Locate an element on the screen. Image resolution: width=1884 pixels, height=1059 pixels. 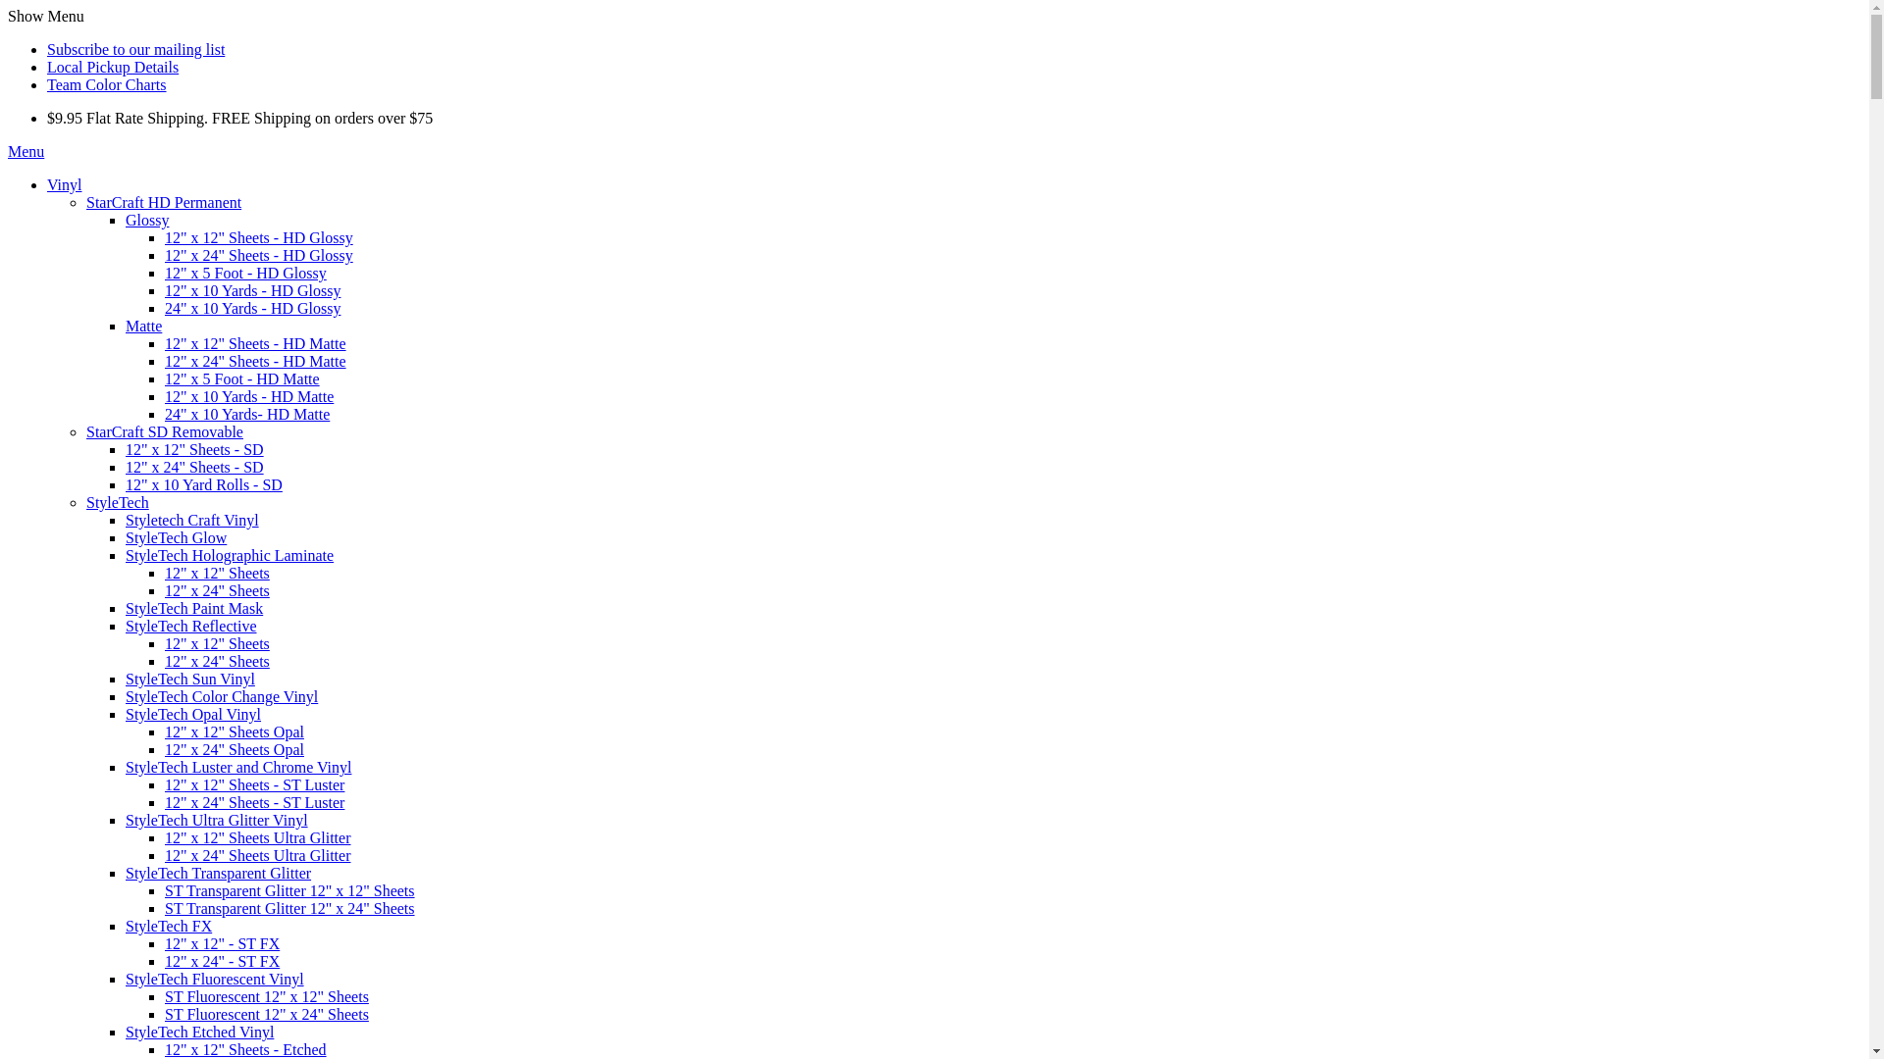
'Menu' is located at coordinates (26, 150).